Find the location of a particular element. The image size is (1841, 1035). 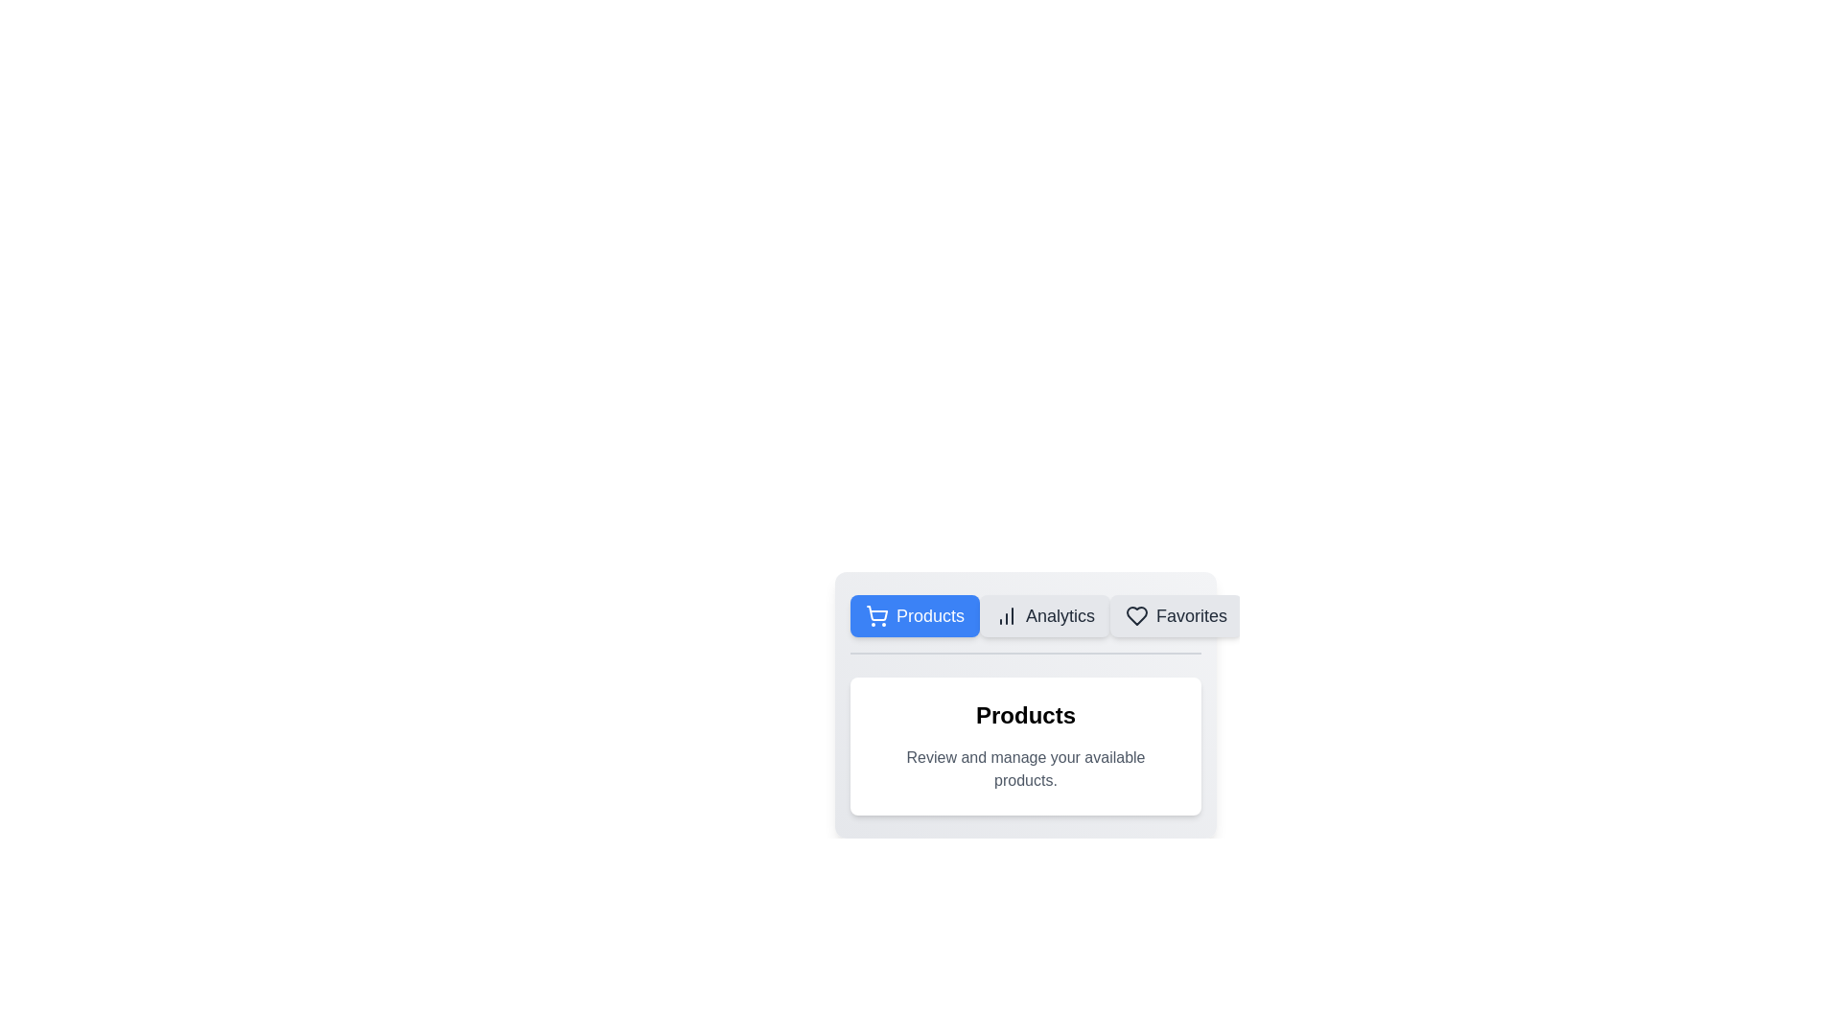

the 'Analytics' text label in the horizontal navigation menu is located at coordinates (1060, 616).